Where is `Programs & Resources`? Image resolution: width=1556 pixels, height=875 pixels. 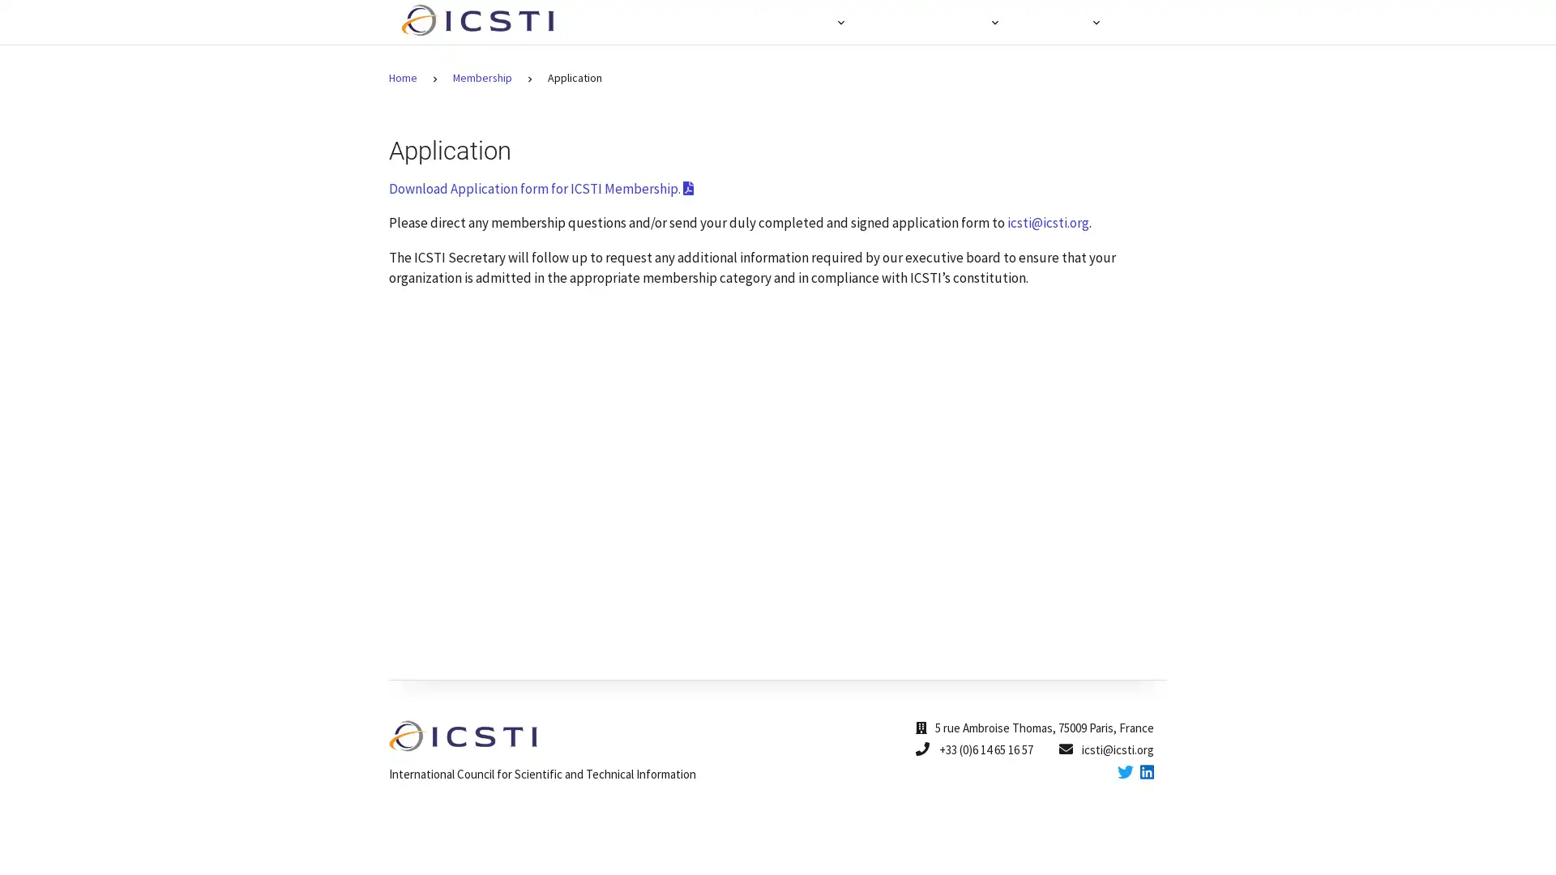
Programs & Resources is located at coordinates (926, 22).